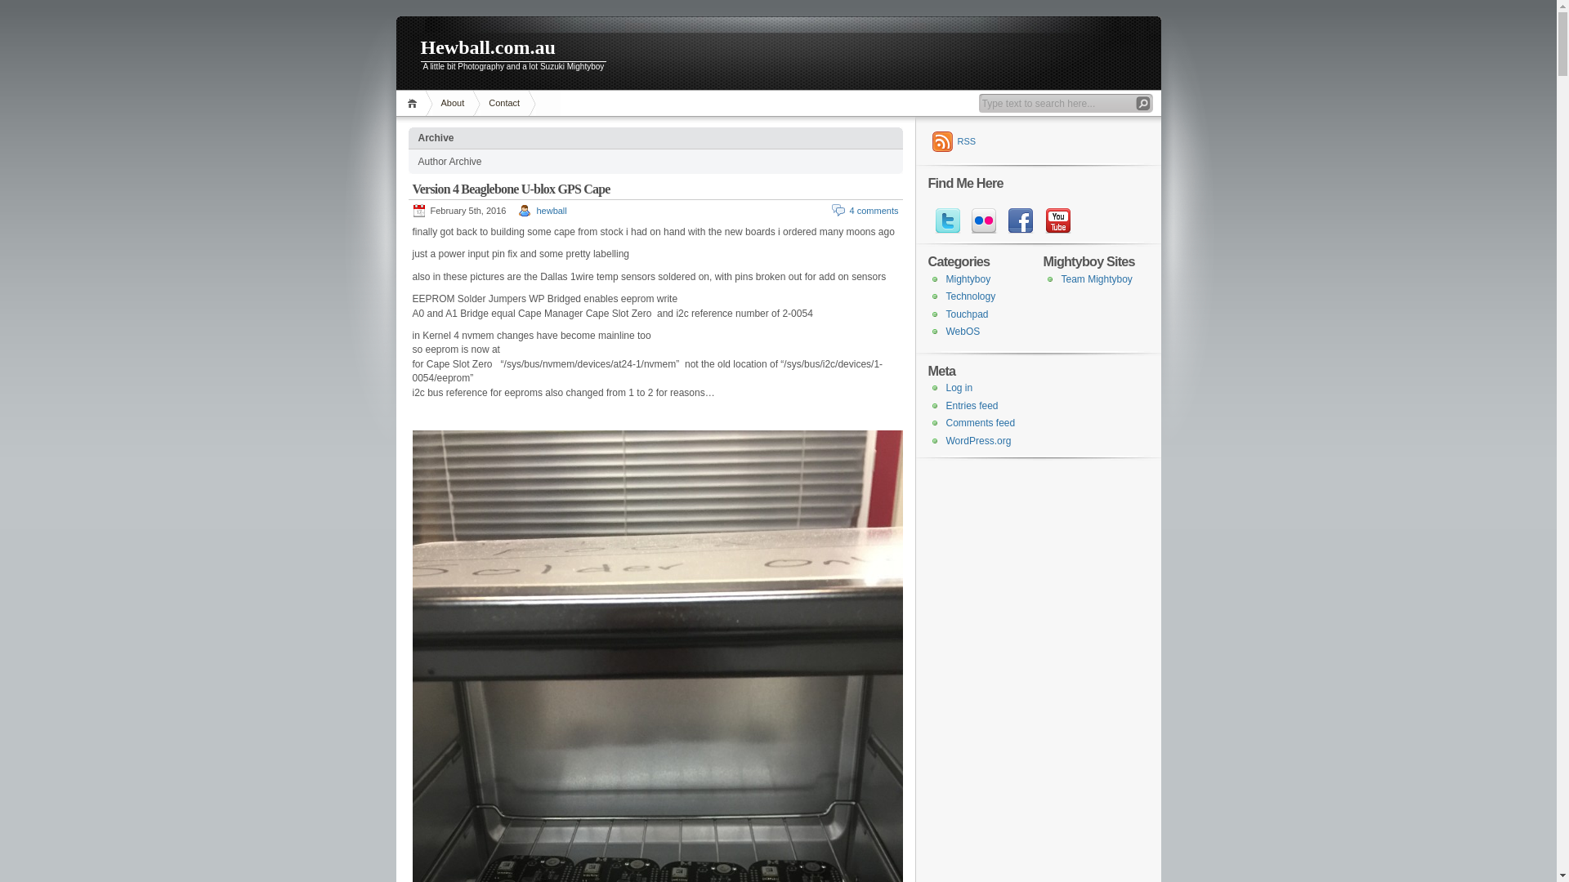  Describe the element at coordinates (954, 140) in the screenshot. I see `'RSS'` at that location.